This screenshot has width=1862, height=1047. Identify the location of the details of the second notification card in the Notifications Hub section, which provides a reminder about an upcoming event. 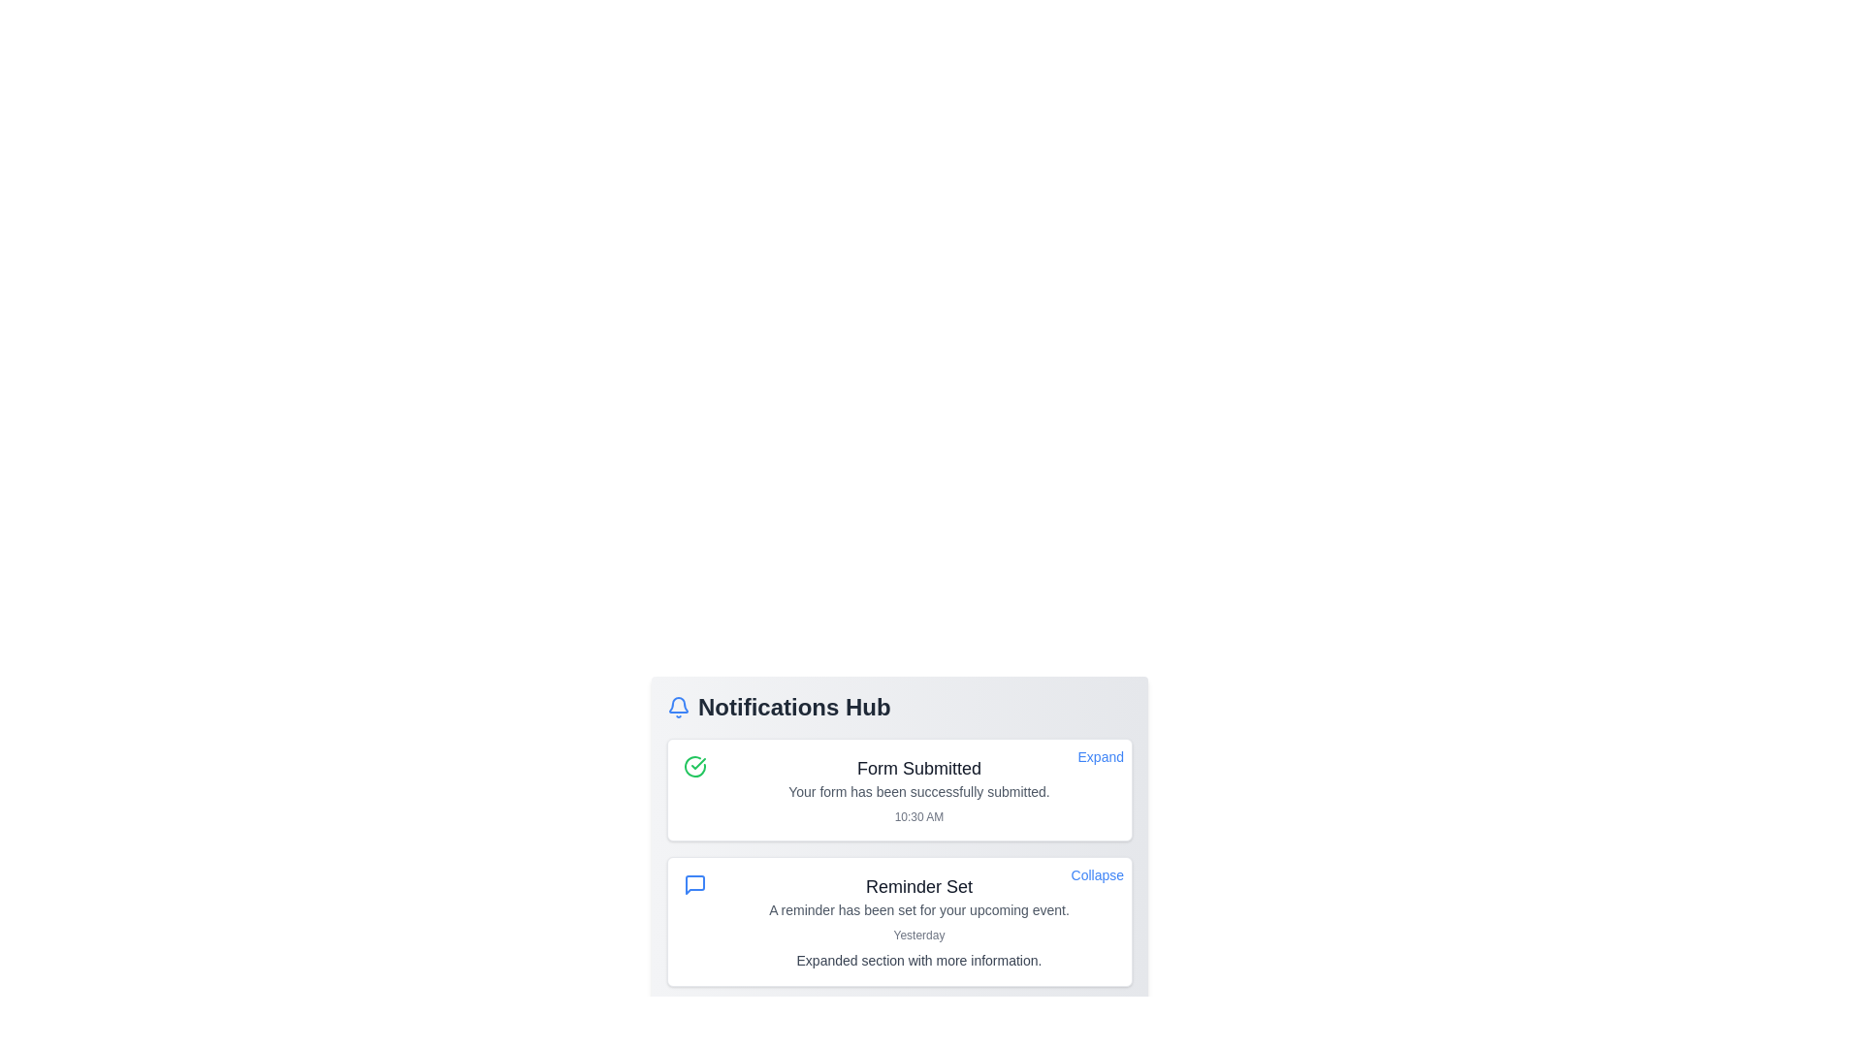
(898, 862).